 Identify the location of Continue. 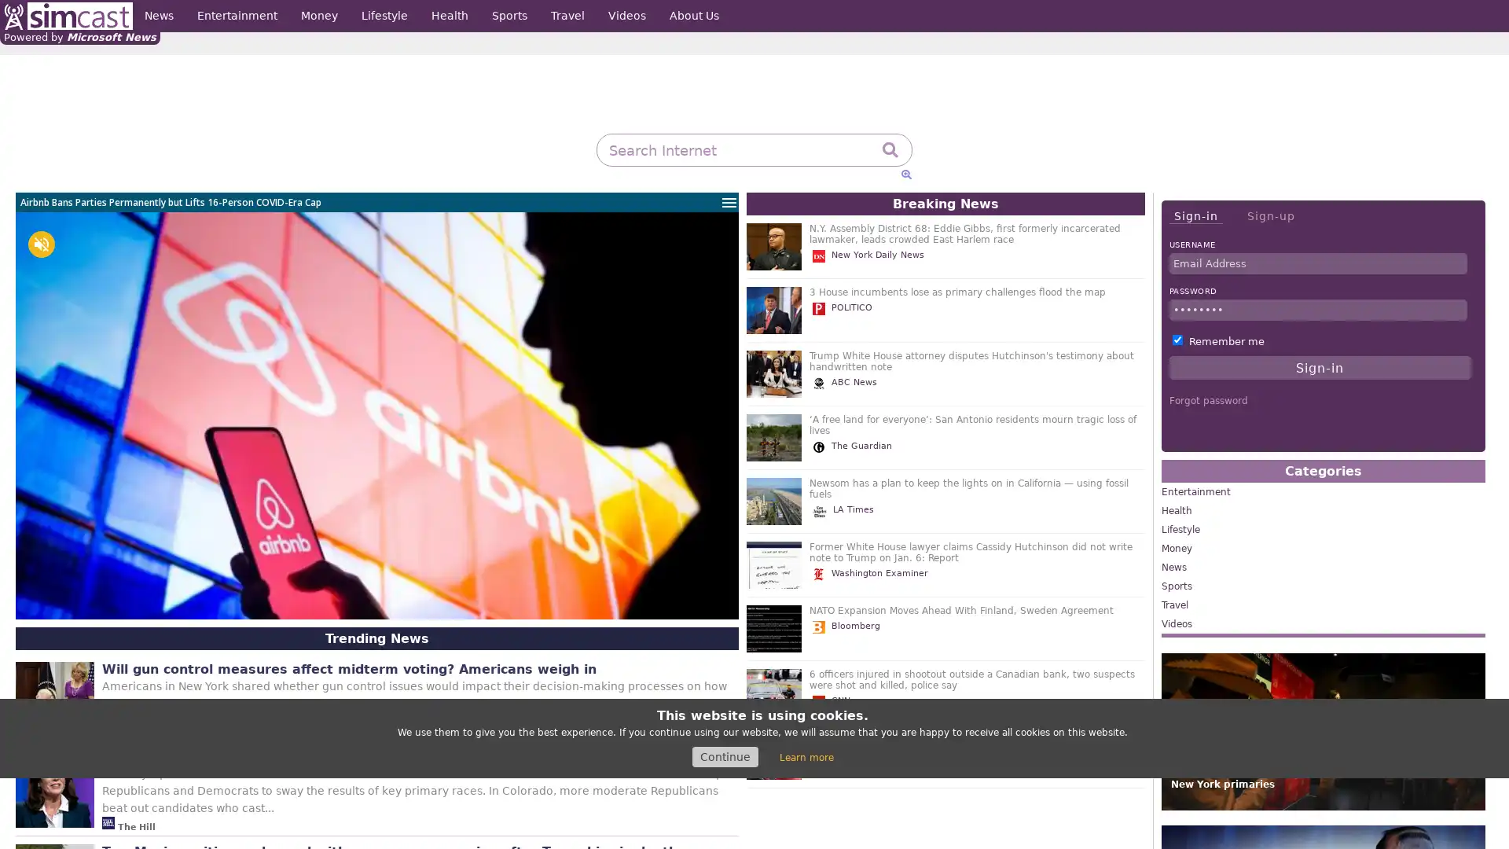
(724, 756).